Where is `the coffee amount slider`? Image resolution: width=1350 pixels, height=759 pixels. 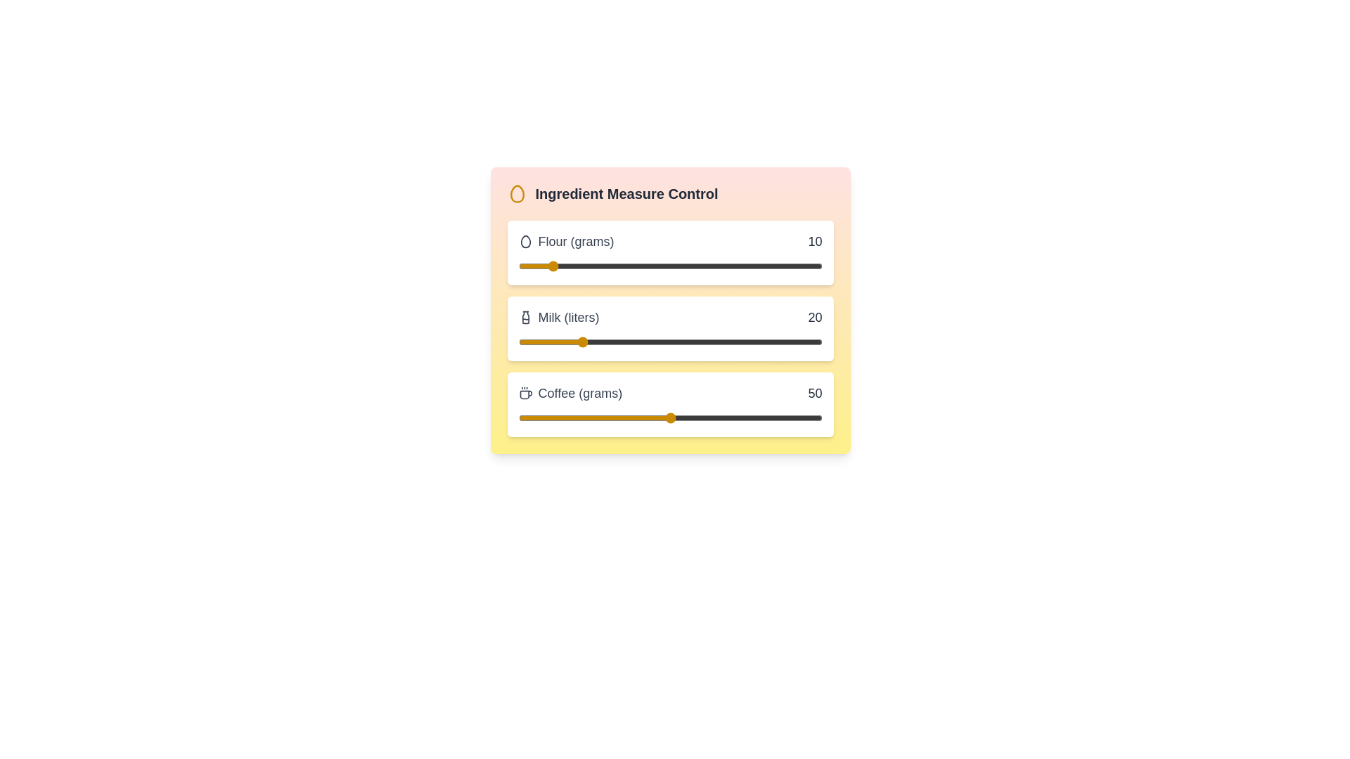
the coffee amount slider is located at coordinates (573, 417).